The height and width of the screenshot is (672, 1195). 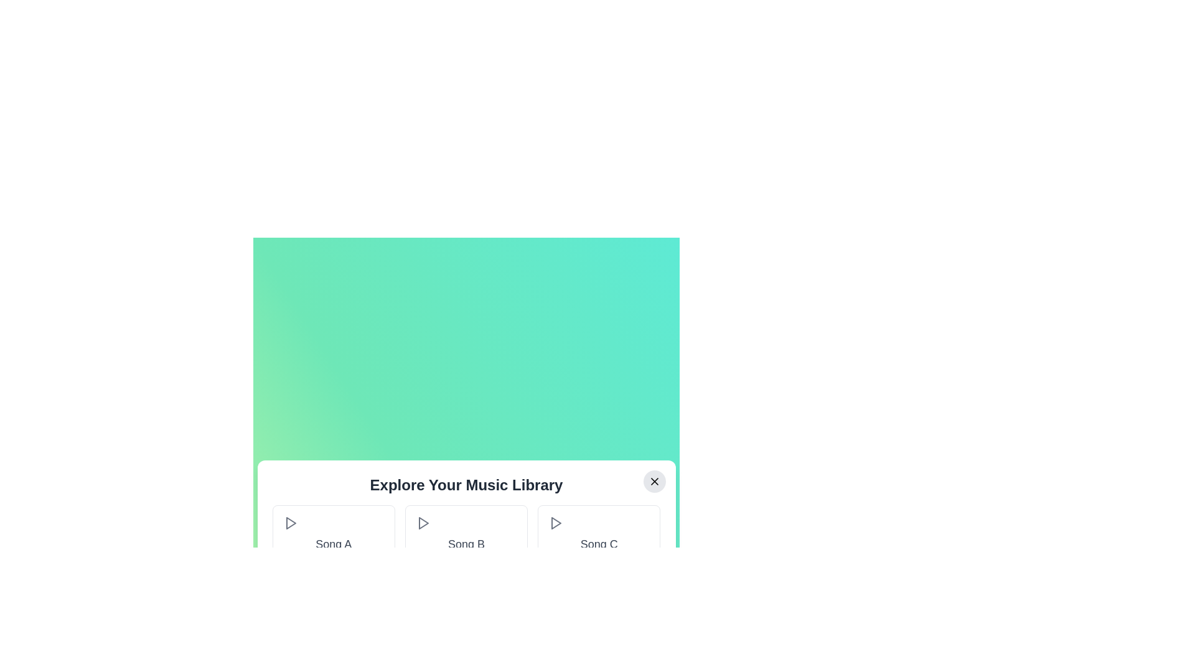 What do you see at coordinates (376, 566) in the screenshot?
I see `the plus button associated with the song Song A to add it to the playlist` at bounding box center [376, 566].